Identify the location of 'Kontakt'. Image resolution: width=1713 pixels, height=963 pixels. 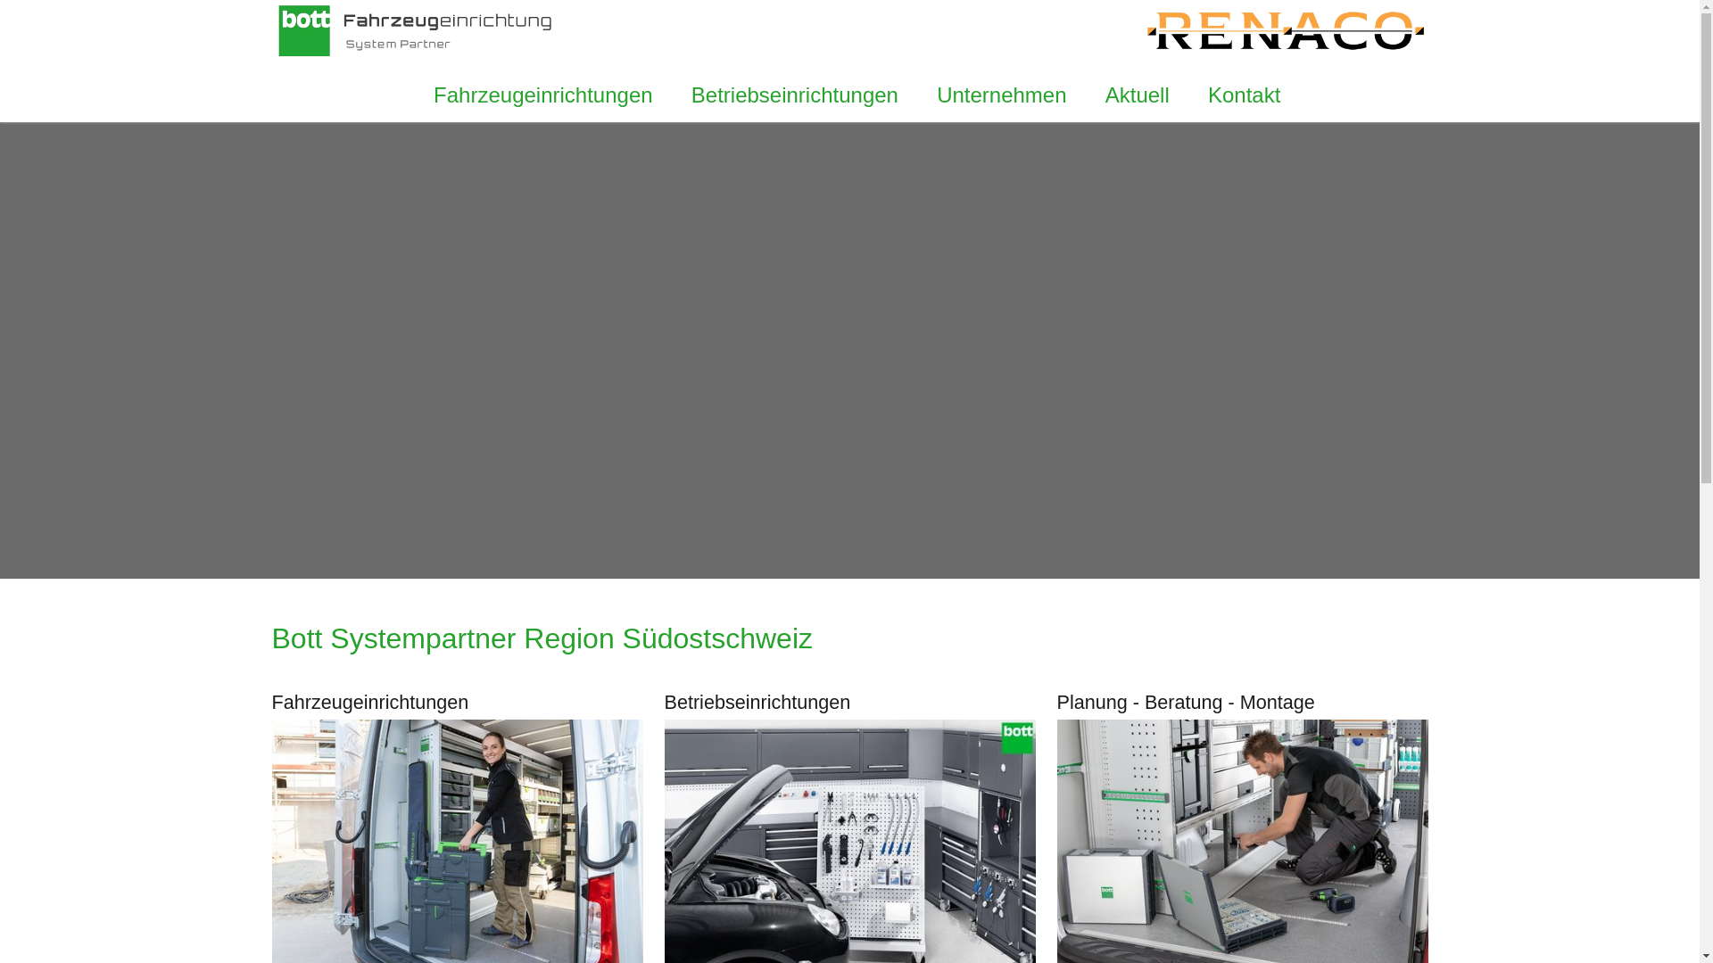
(1243, 95).